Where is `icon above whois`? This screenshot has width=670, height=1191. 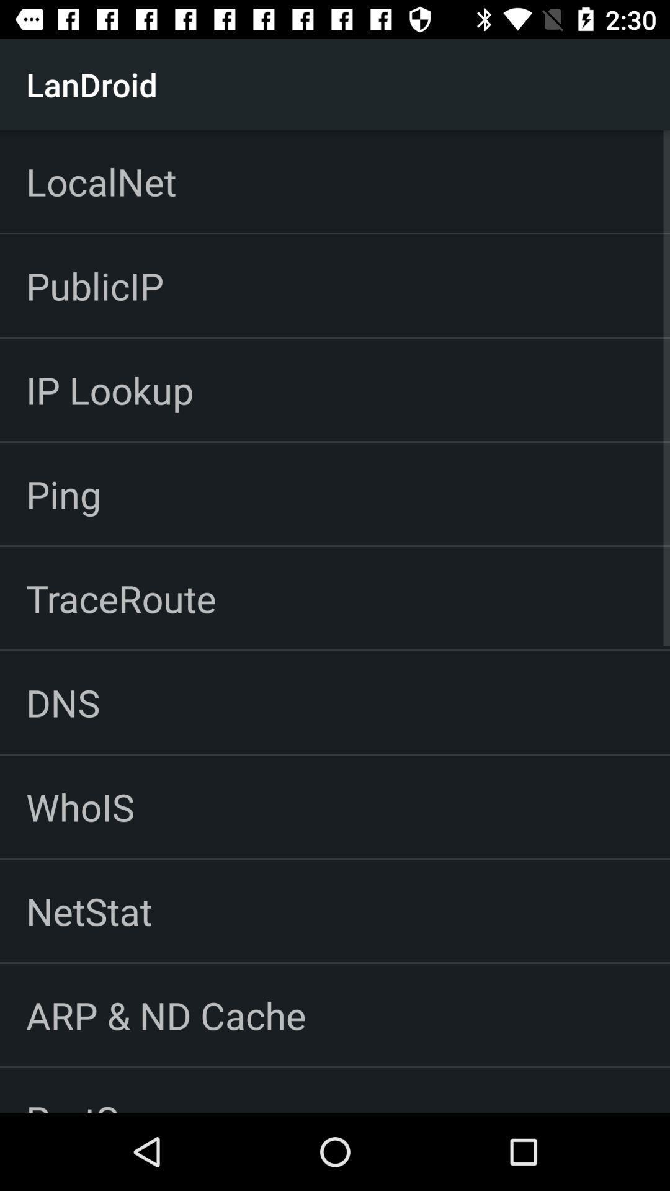
icon above whois is located at coordinates (63, 702).